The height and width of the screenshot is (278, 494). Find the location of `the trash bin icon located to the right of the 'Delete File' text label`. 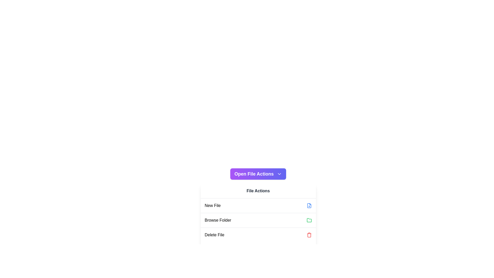

the trash bin icon located to the right of the 'Delete File' text label is located at coordinates (309, 235).